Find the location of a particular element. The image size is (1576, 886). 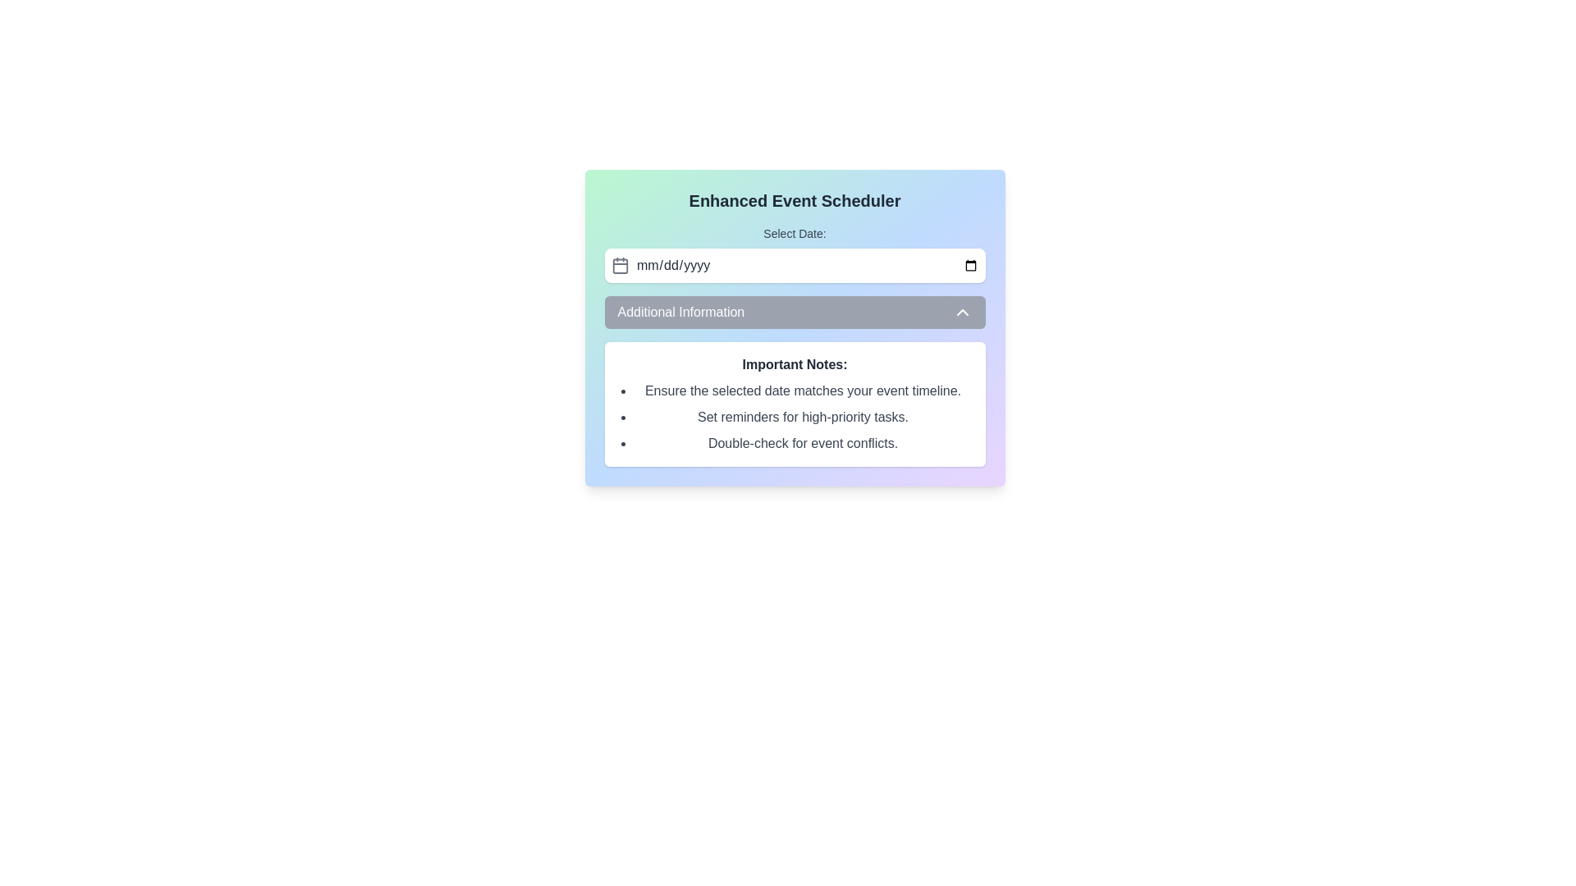

the text label that guides the user to the date picker input field, positioned above the date selection form is located at coordinates (795, 234).